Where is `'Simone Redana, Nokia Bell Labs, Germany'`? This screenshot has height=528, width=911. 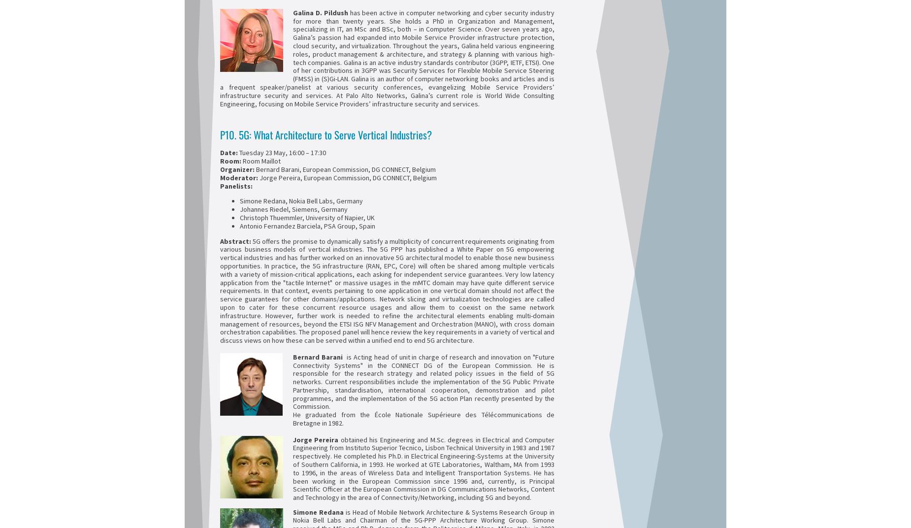
'Simone Redana, Nokia Bell Labs, Germany' is located at coordinates (301, 200).